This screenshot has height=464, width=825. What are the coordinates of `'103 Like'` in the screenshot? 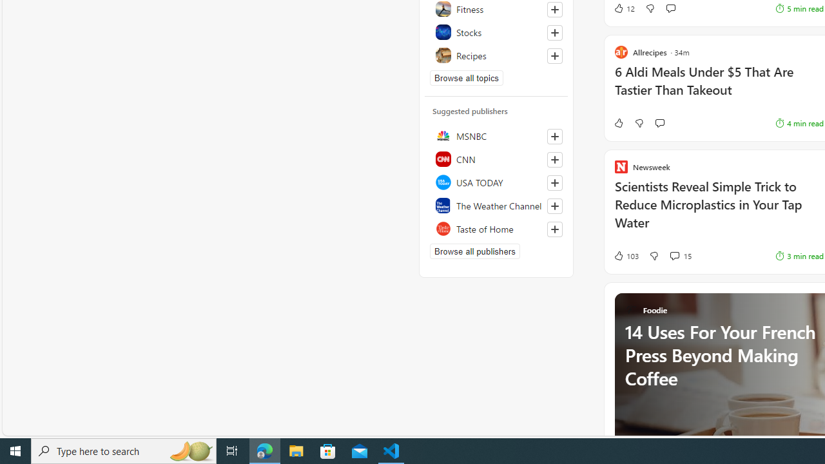 It's located at (625, 256).